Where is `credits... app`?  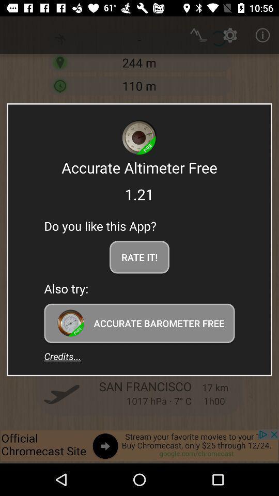 credits... app is located at coordinates (63, 356).